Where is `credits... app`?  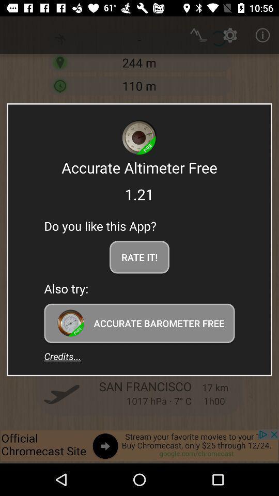 credits... app is located at coordinates (63, 356).